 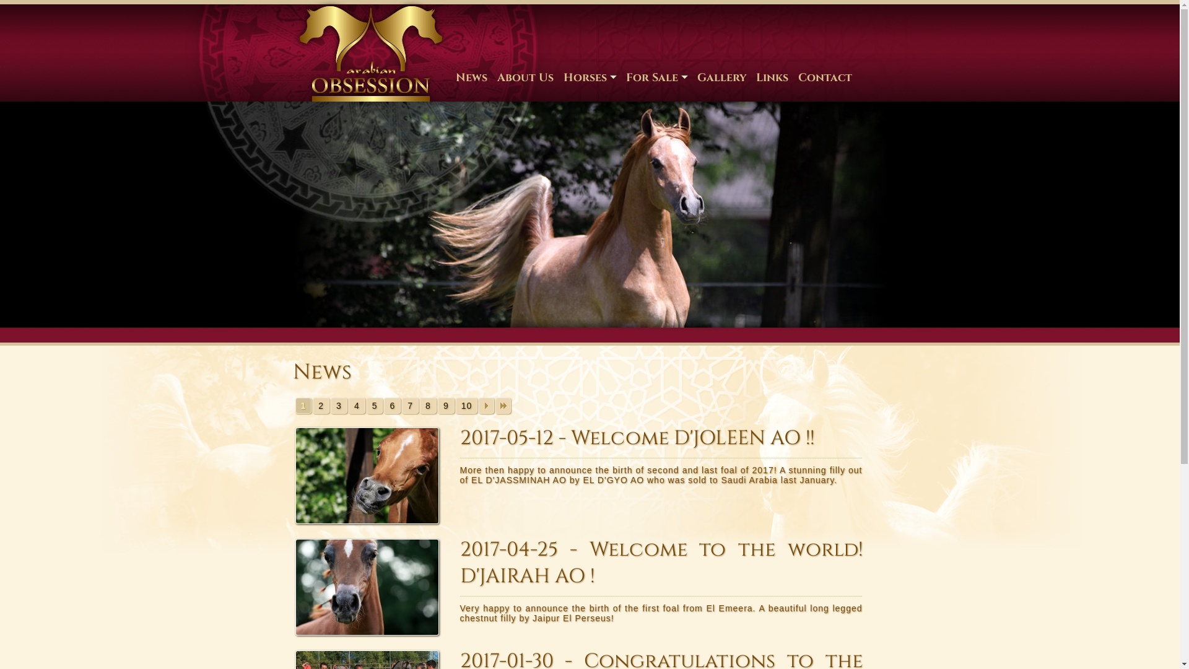 What do you see at coordinates (419, 406) in the screenshot?
I see `'8'` at bounding box center [419, 406].